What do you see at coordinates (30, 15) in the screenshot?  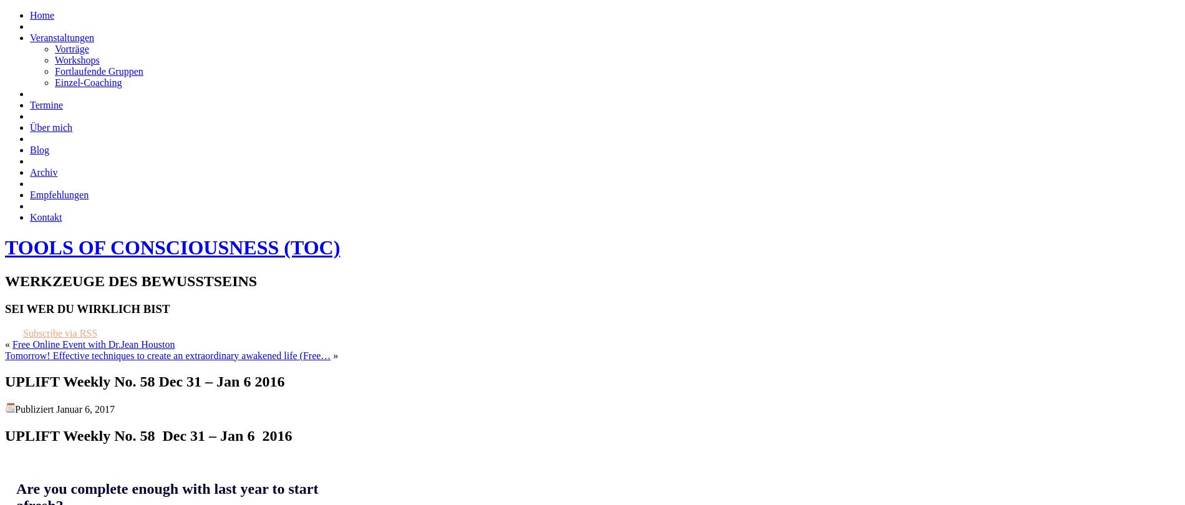 I see `'Home'` at bounding box center [30, 15].